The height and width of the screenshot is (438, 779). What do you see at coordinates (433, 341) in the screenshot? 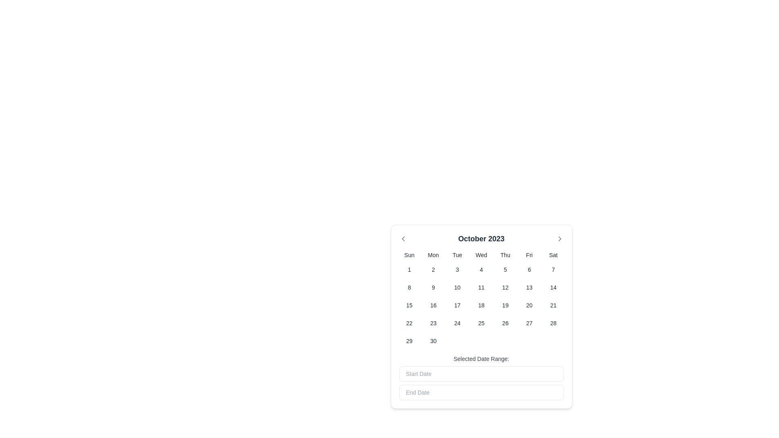
I see `the button that selects the date '30' in the calendar interface` at bounding box center [433, 341].